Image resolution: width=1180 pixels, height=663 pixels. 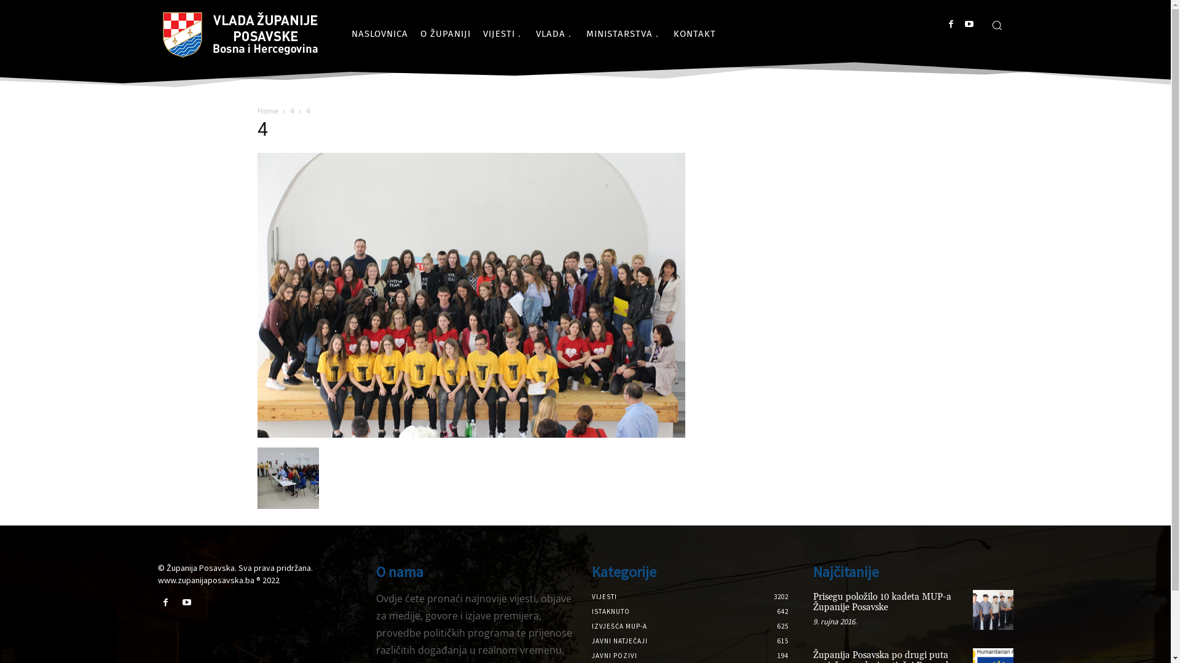 What do you see at coordinates (554, 33) in the screenshot?
I see `'VLADA'` at bounding box center [554, 33].